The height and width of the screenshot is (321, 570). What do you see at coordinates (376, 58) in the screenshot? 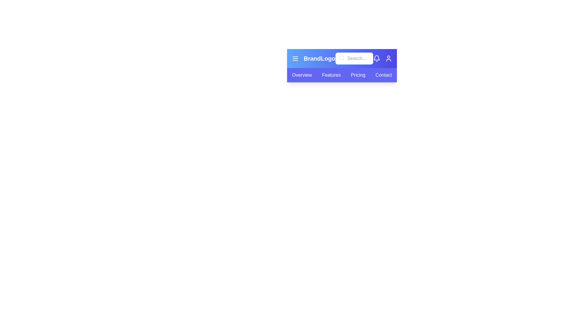
I see `the bell icon to view notifications` at bounding box center [376, 58].